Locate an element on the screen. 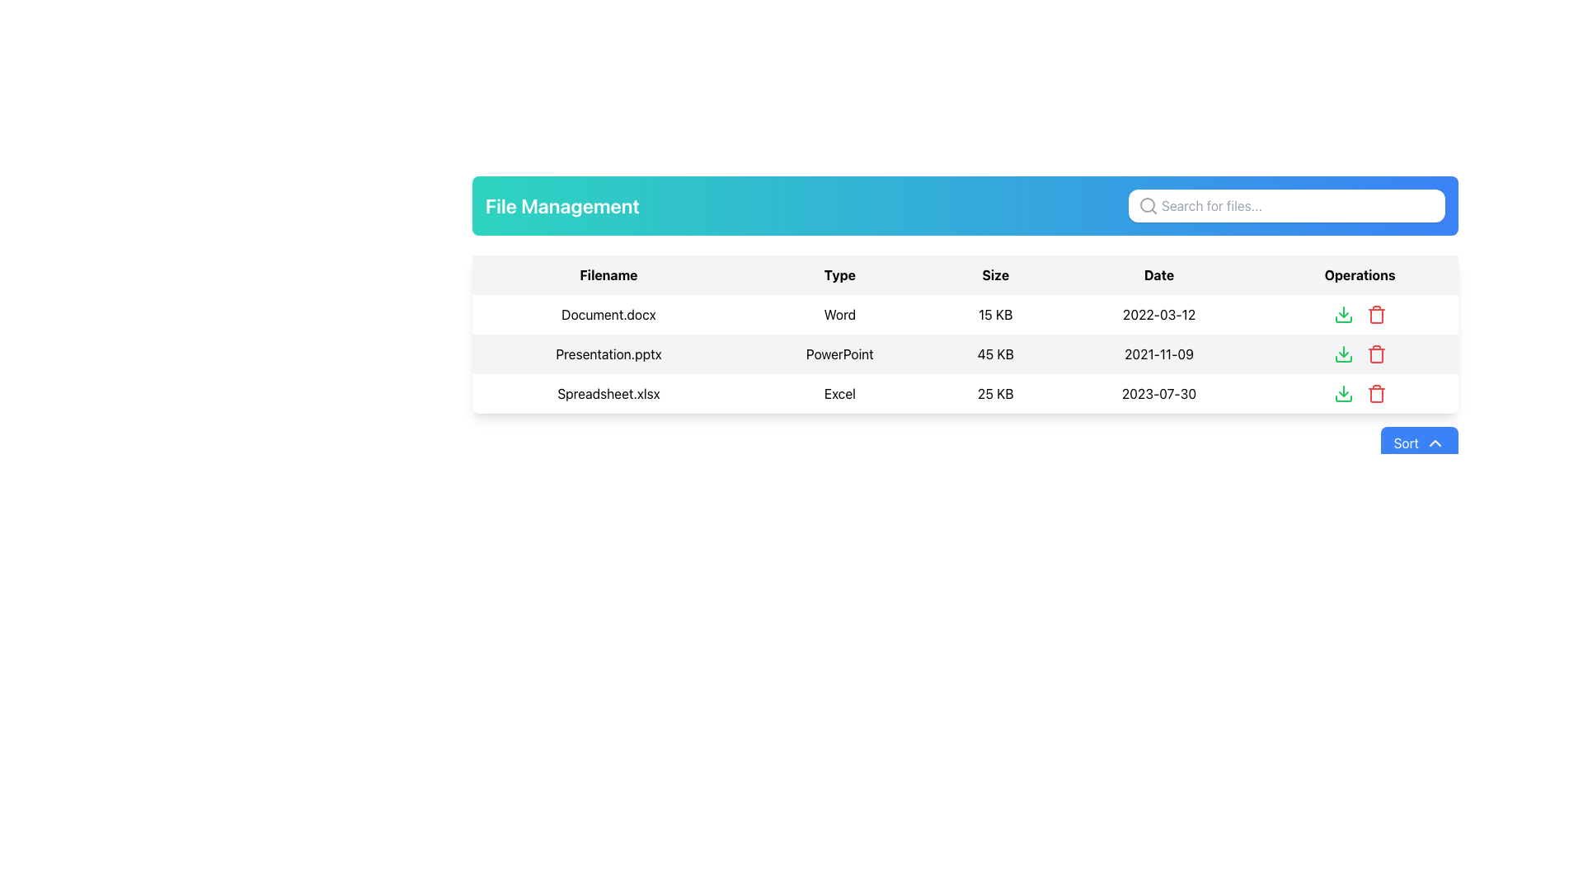 The image size is (1583, 890). the 'Operations' column header in the data table, which is the fifth column header positioned to the far right of the header row, following the 'Date' column is located at coordinates (1360, 274).